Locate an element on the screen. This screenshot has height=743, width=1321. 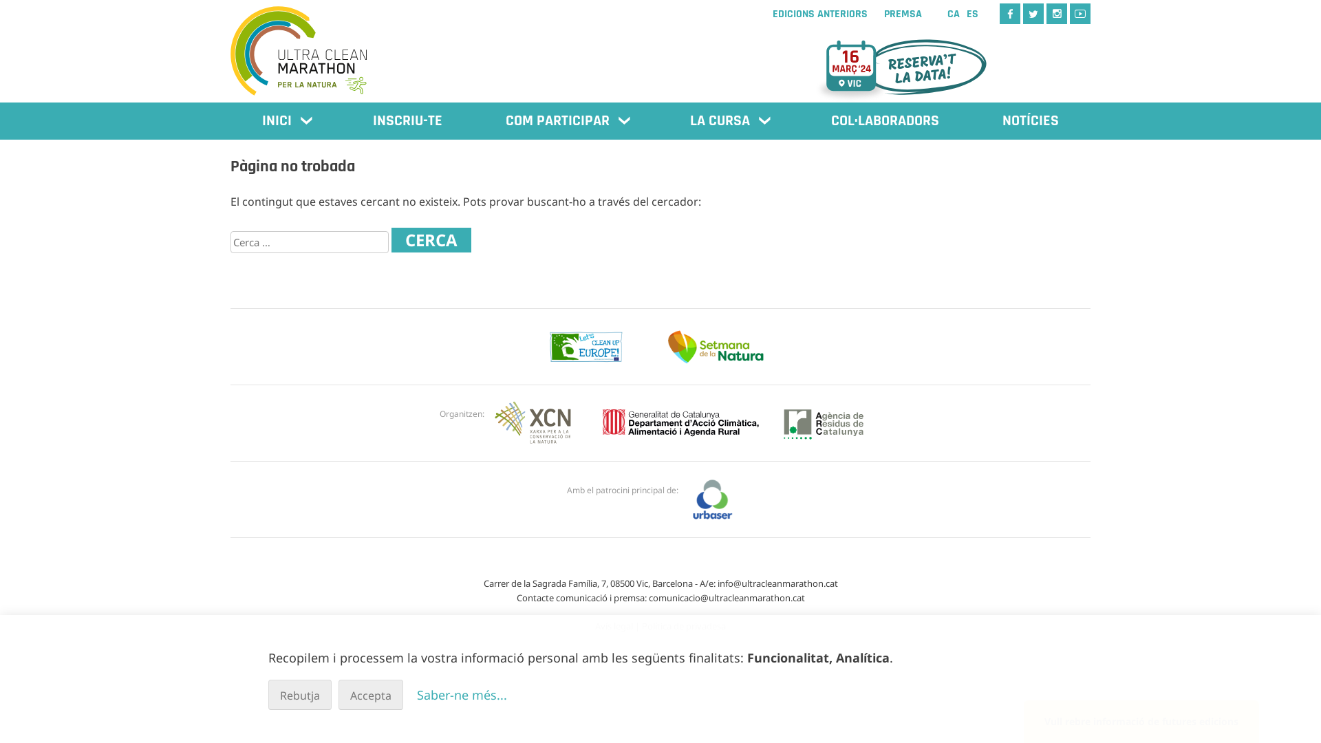
'CA' is located at coordinates (953, 14).